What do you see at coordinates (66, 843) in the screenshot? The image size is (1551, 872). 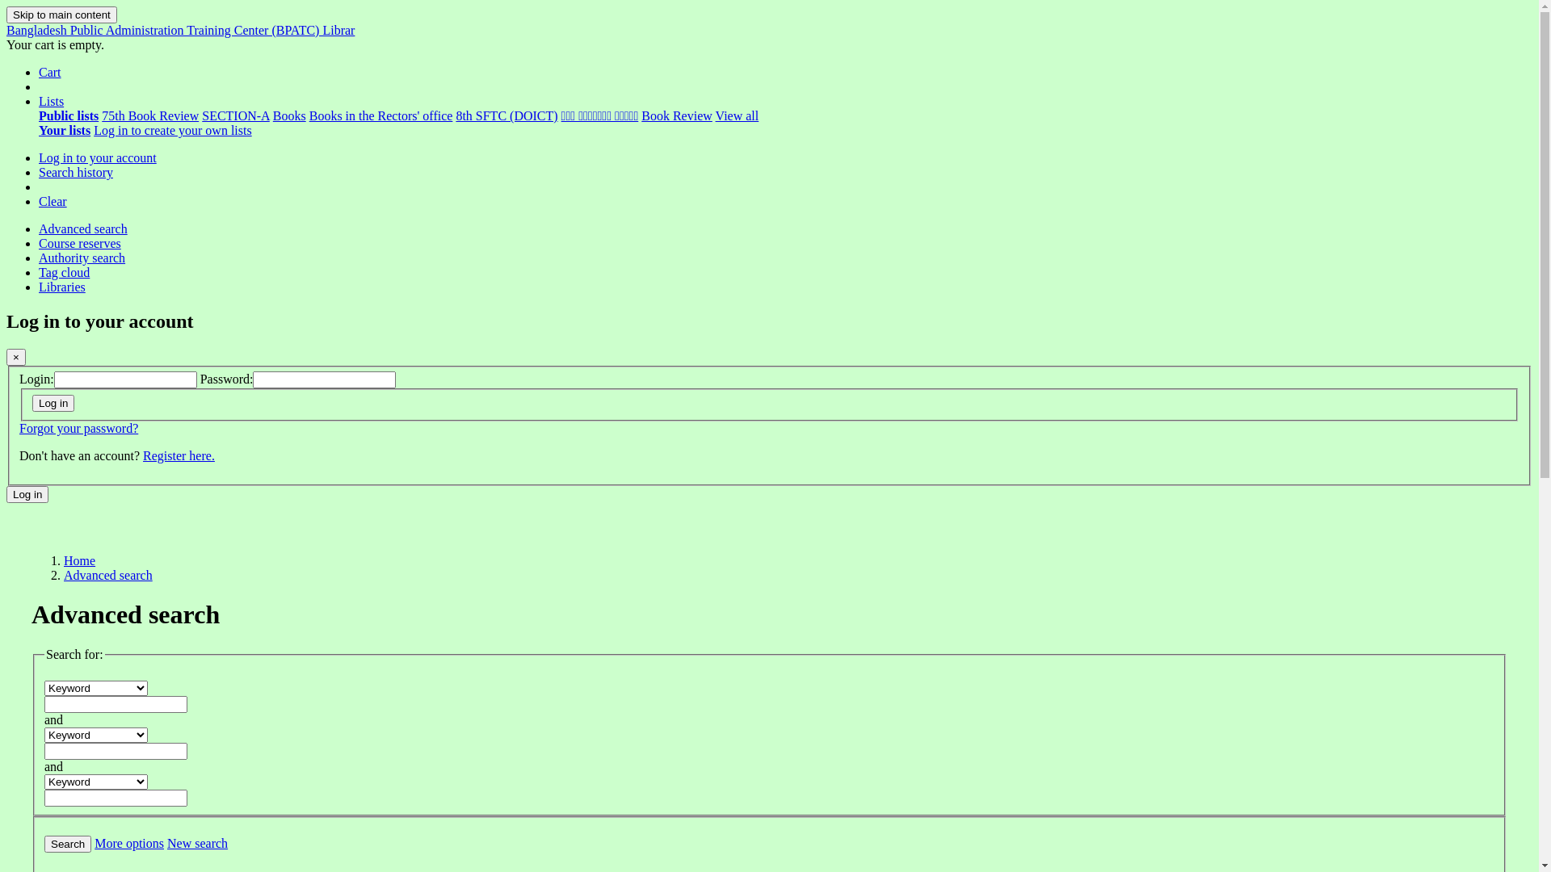 I see `'Search'` at bounding box center [66, 843].